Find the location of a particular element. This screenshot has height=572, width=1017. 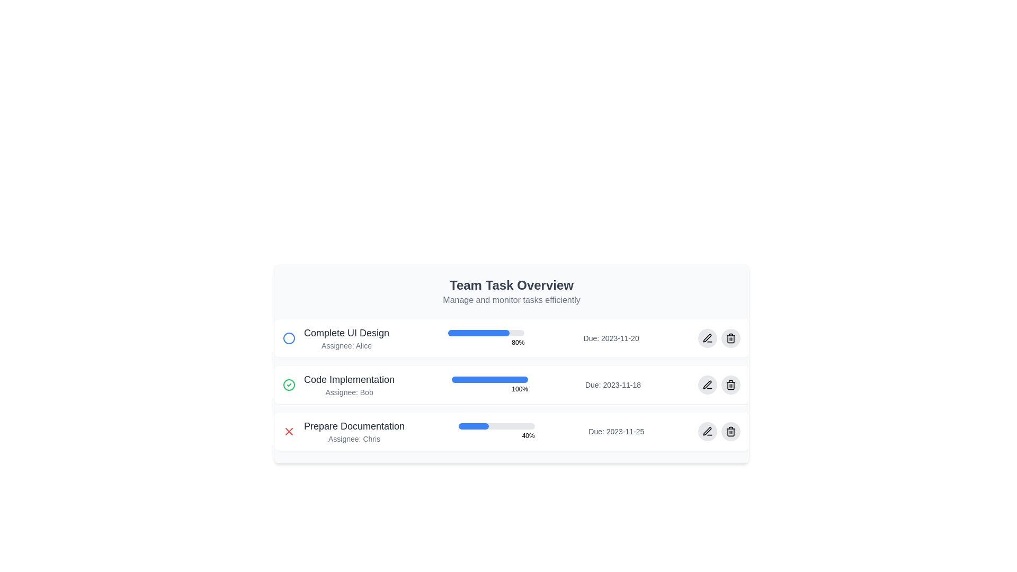

the progress represented by the blue segment of the progress bar indicating 80% completion for the task 'Complete UI Design' is located at coordinates (478, 332).